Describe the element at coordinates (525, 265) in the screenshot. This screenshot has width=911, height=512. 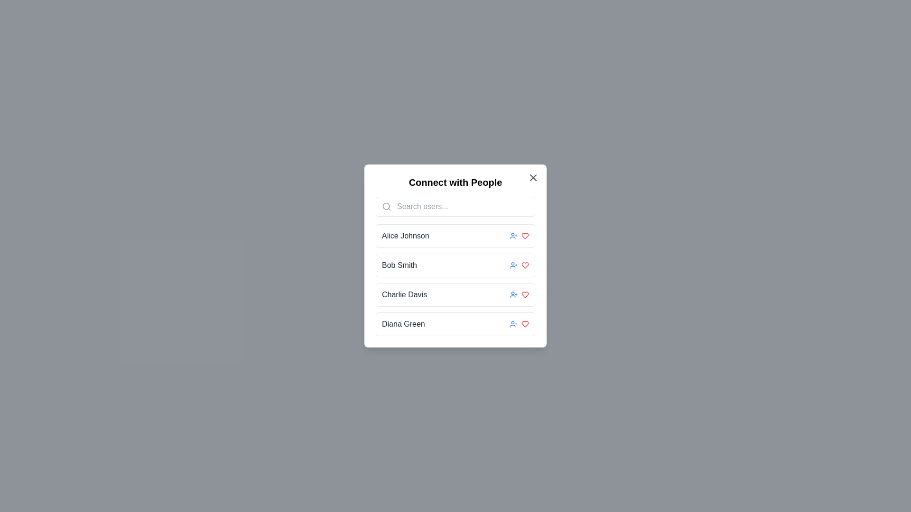
I see `the favorite icon located in the third column of the 'Bob Smith' row in the 'Connect with People' dialog to mark the user as a favorite` at that location.